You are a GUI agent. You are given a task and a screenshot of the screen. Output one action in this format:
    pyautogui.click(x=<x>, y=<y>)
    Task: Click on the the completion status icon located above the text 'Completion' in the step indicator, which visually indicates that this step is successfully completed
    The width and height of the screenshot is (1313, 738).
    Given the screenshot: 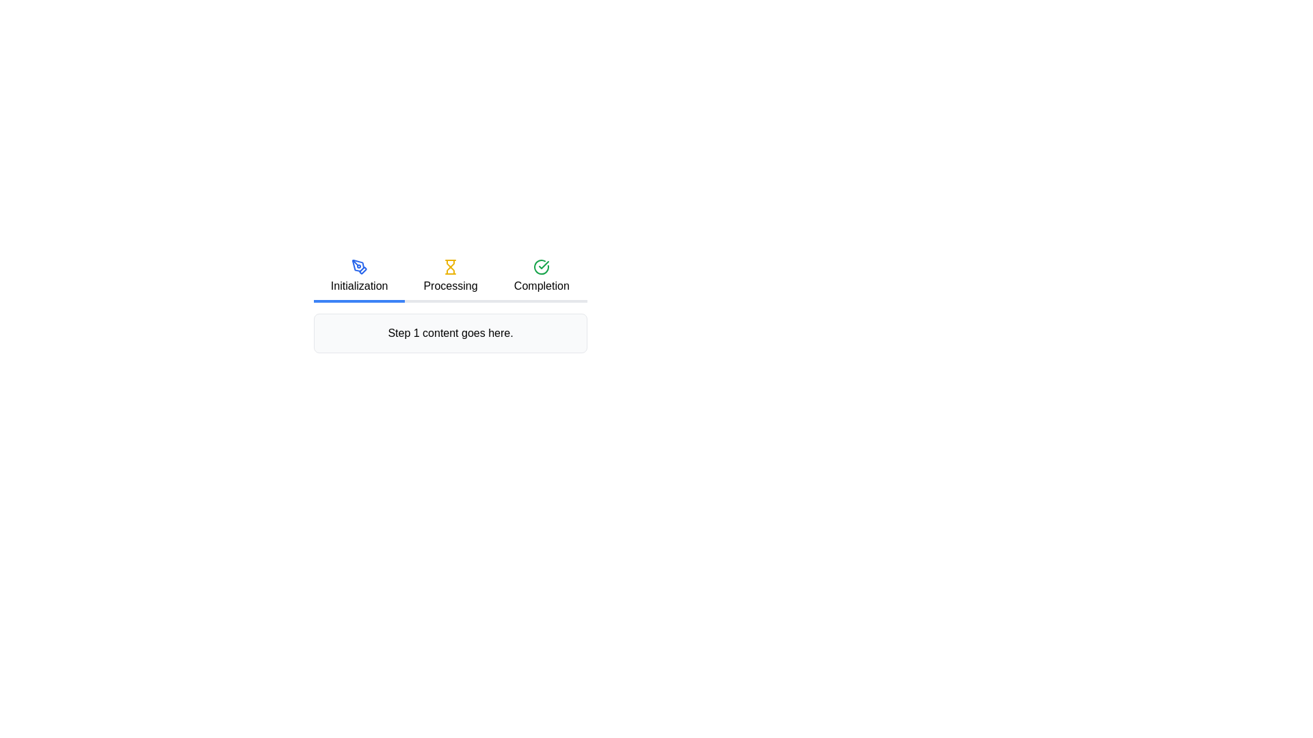 What is the action you would take?
    pyautogui.click(x=541, y=266)
    